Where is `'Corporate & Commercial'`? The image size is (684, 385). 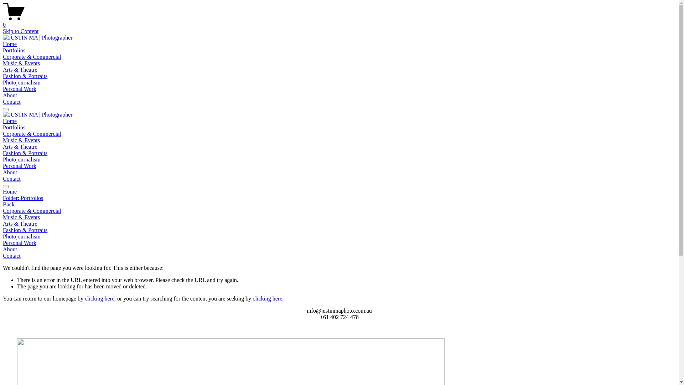
'Corporate & Commercial' is located at coordinates (32, 56).